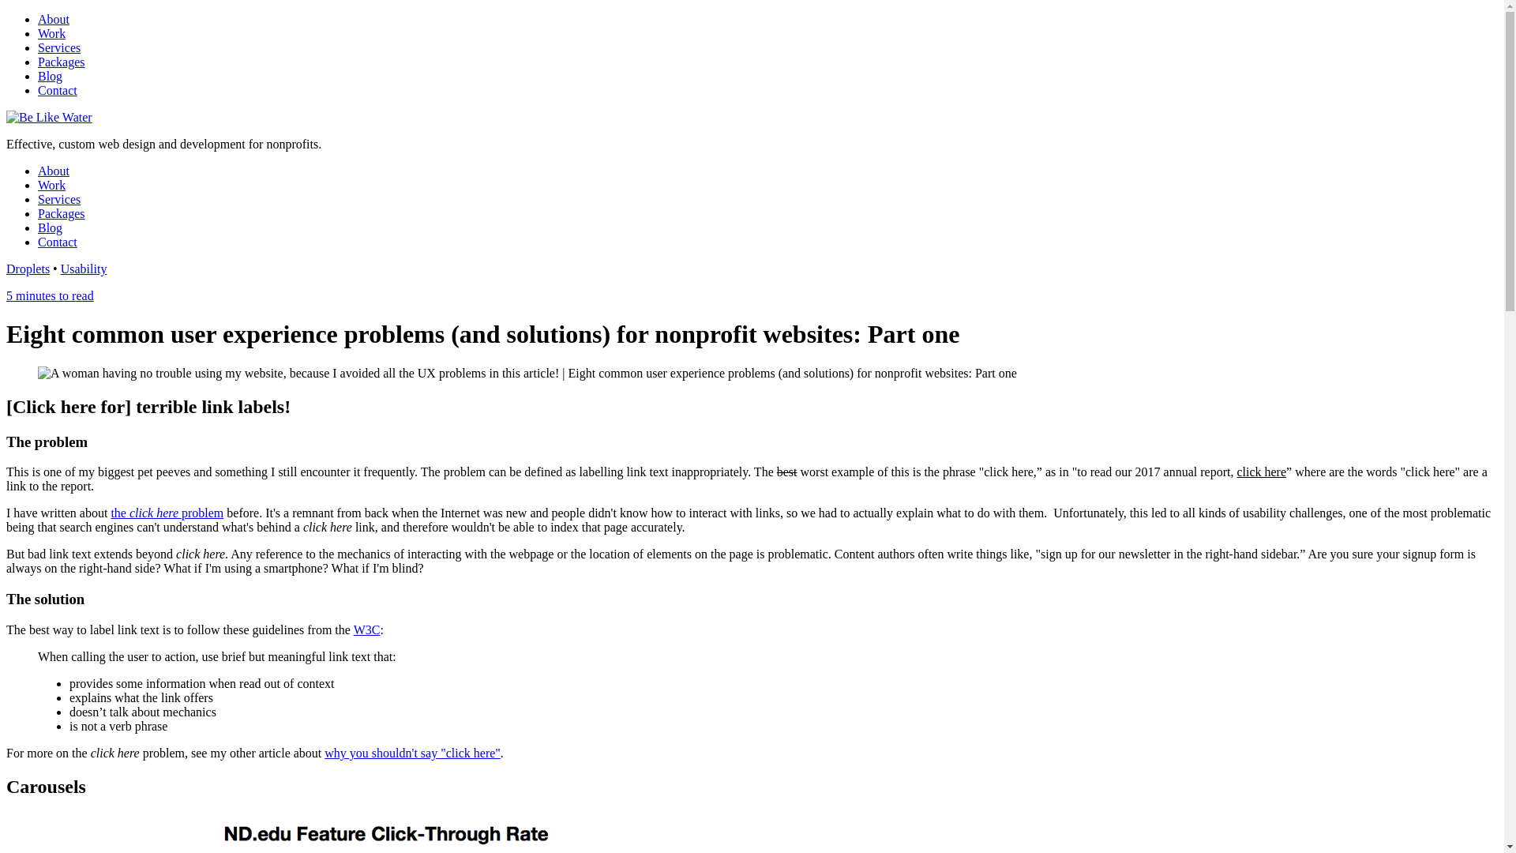  Describe the element at coordinates (61, 61) in the screenshot. I see `'Packages'` at that location.